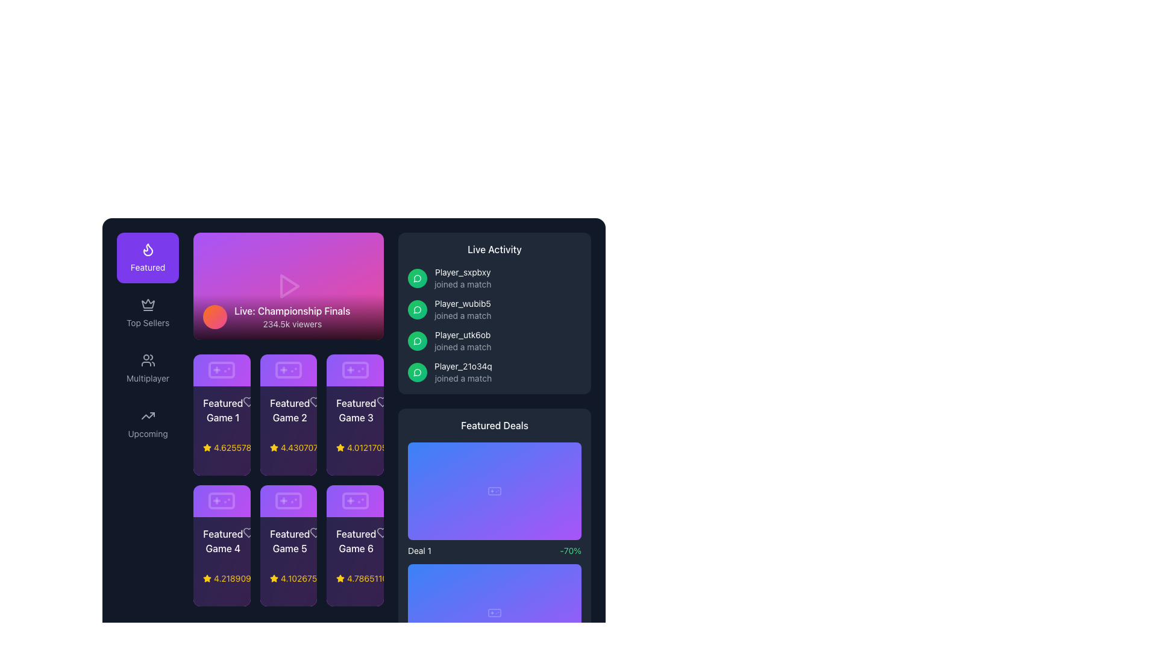  I want to click on the 'Featured Deals' label, so click(494, 424).